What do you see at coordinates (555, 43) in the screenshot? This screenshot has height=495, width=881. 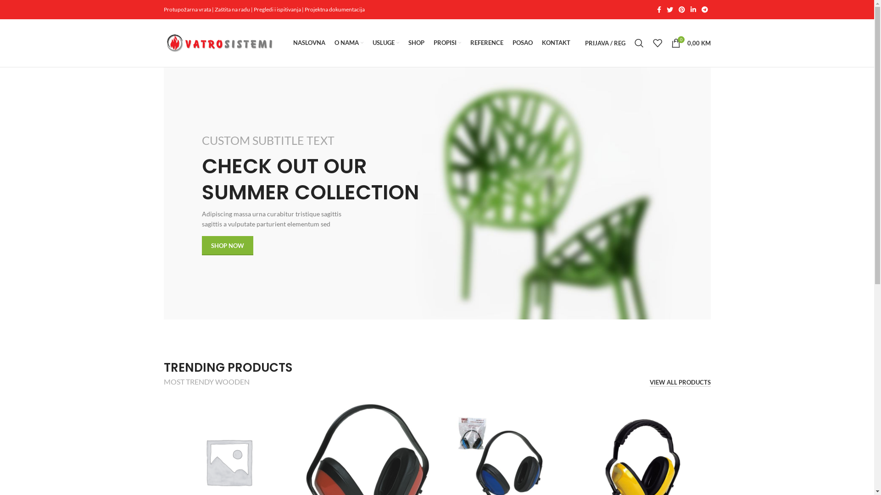 I see `'KONTAKT'` at bounding box center [555, 43].